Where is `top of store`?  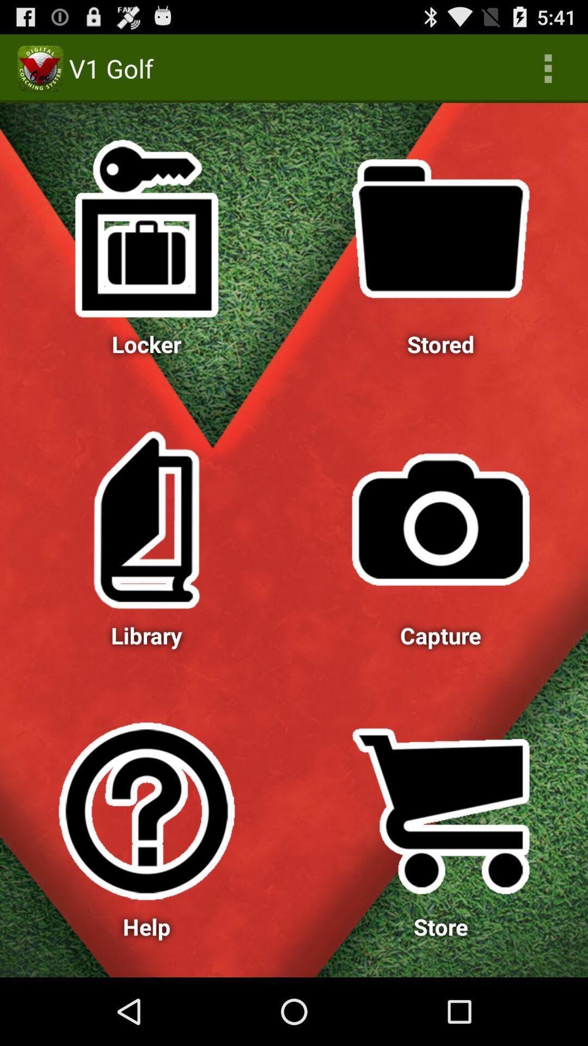 top of store is located at coordinates (441, 811).